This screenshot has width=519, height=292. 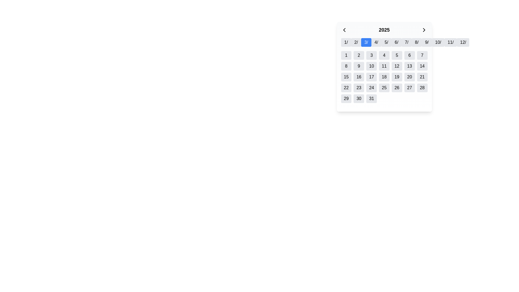 What do you see at coordinates (397, 87) in the screenshot?
I see `the selectable date button representing the date '26' in the calendar widget` at bounding box center [397, 87].